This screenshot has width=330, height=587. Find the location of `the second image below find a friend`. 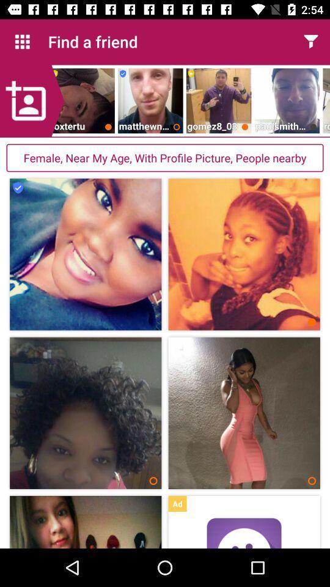

the second image below find a friend is located at coordinates (150, 100).